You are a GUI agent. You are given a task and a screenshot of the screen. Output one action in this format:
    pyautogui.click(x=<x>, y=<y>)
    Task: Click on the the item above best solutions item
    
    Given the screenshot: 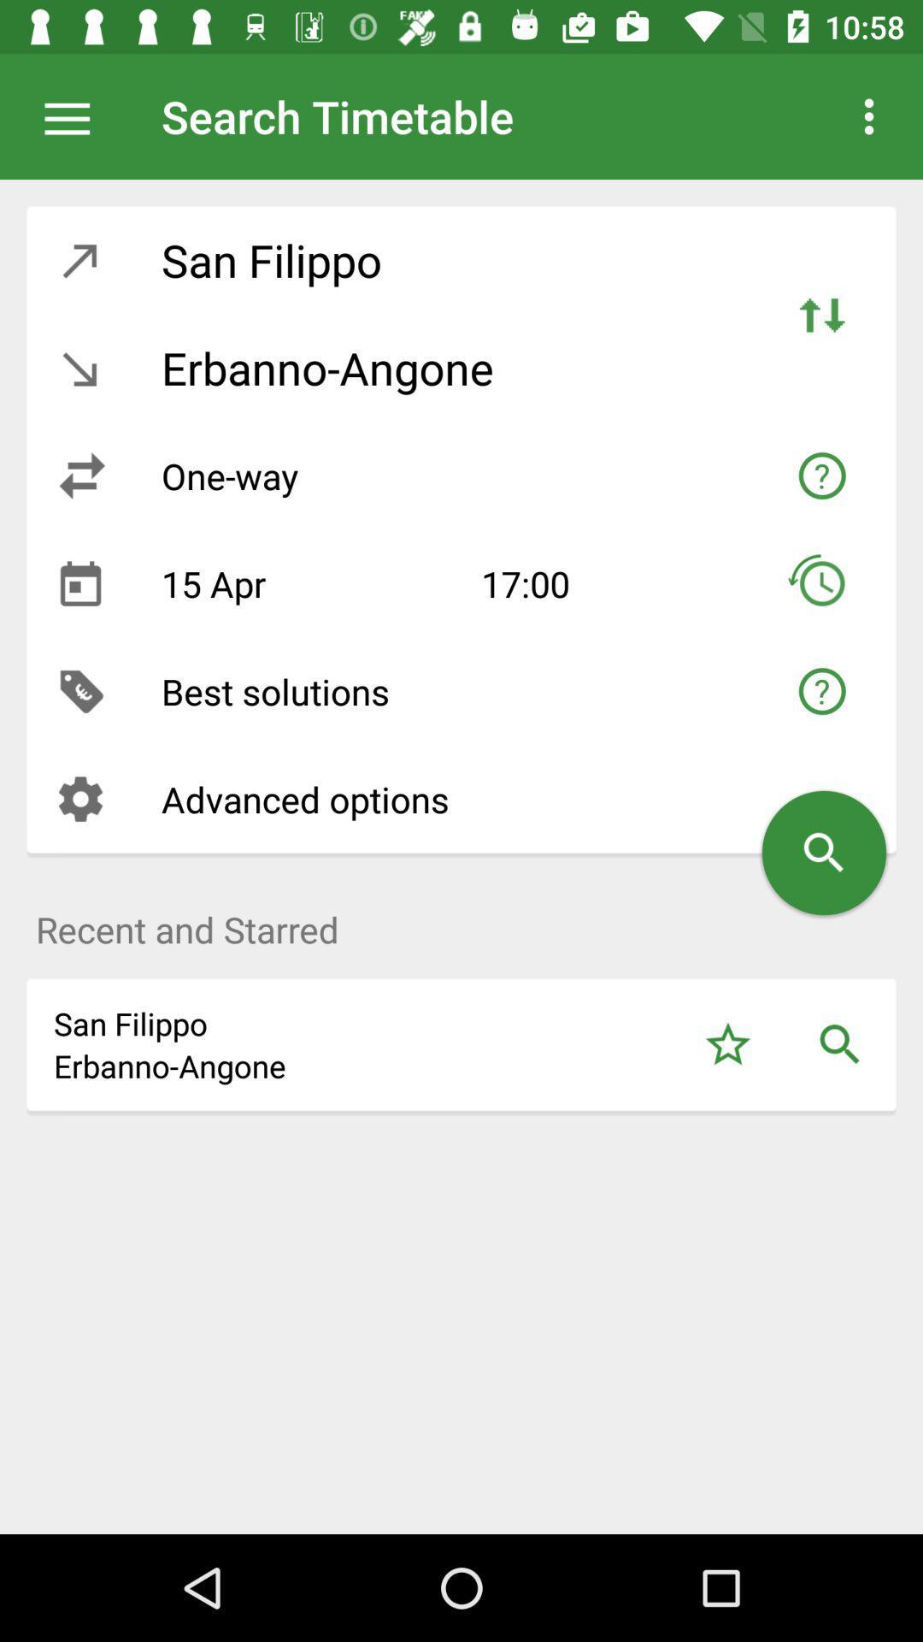 What is the action you would take?
    pyautogui.click(x=308, y=583)
    